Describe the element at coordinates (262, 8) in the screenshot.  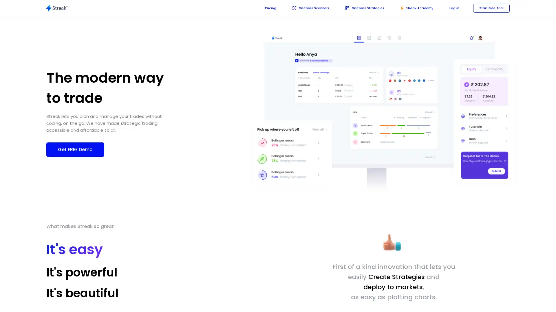
I see `Pricing` at that location.